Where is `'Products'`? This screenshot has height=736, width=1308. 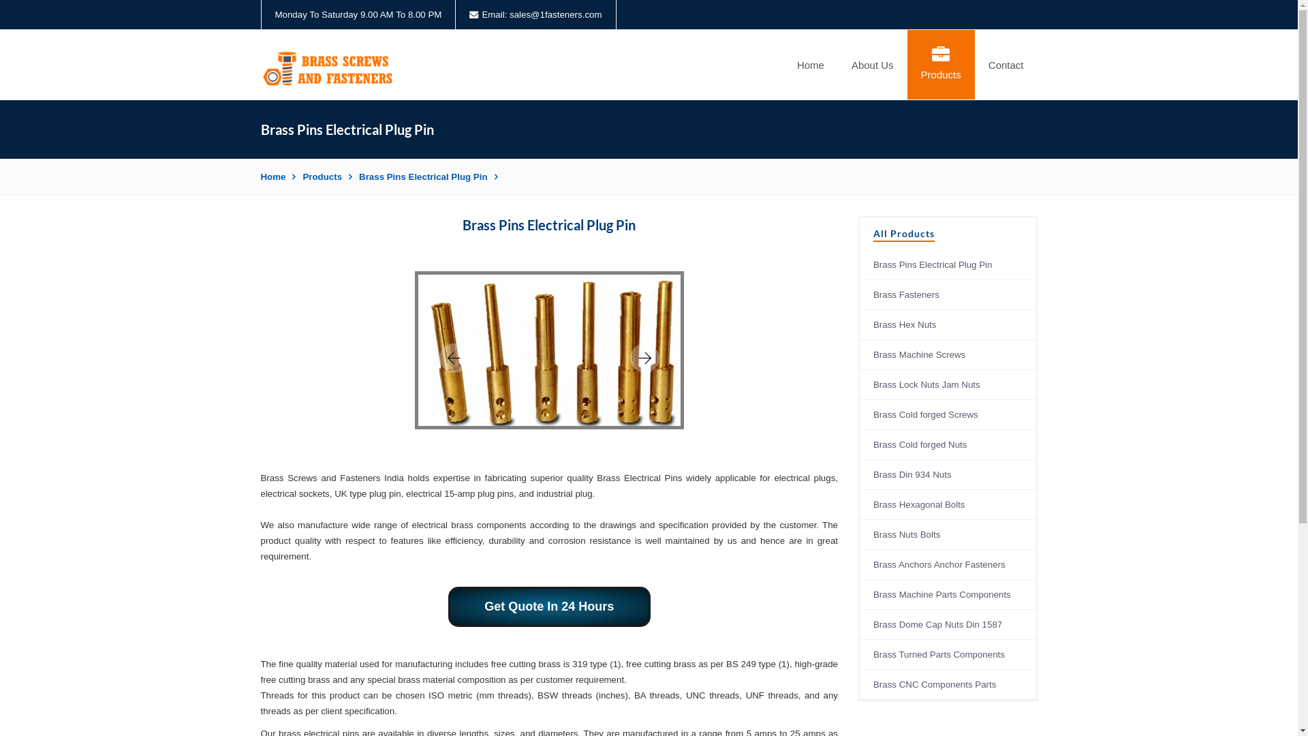
'Products' is located at coordinates (940, 65).